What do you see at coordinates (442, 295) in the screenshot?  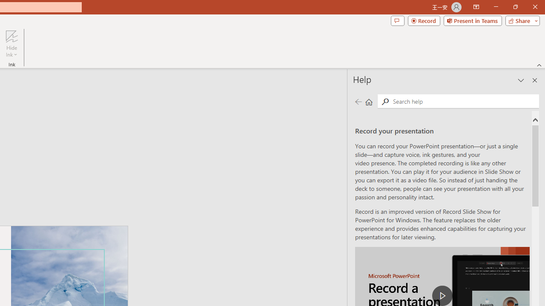 I see `'play Record a Presentation'` at bounding box center [442, 295].